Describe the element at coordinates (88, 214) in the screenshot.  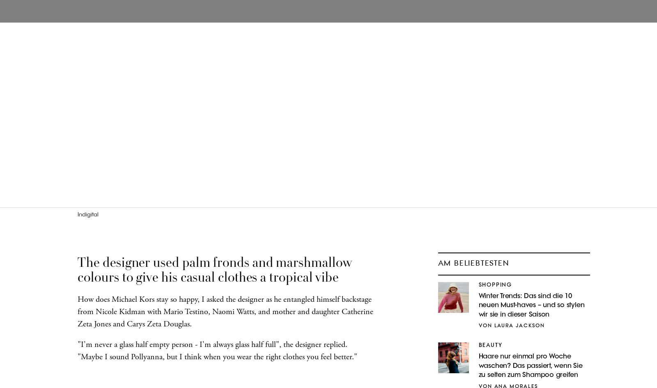
I see `'Indigital'` at that location.